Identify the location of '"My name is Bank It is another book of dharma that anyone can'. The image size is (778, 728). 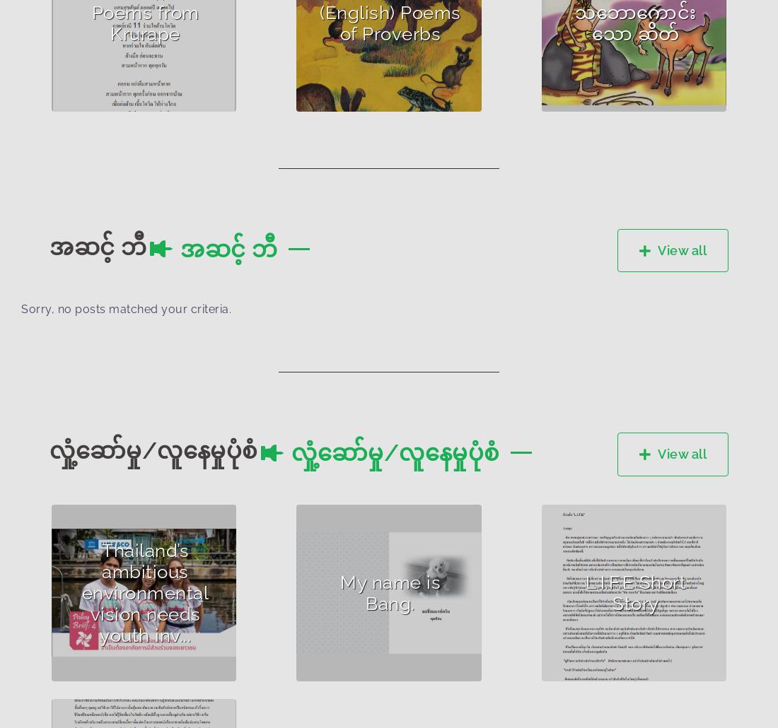
(315, 599).